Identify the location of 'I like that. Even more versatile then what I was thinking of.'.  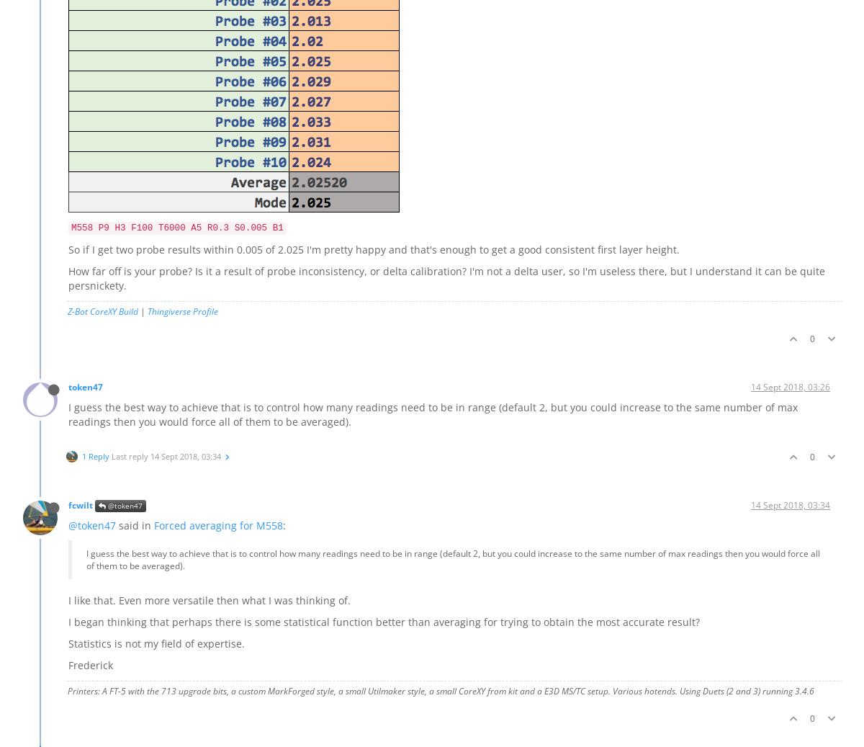
(68, 600).